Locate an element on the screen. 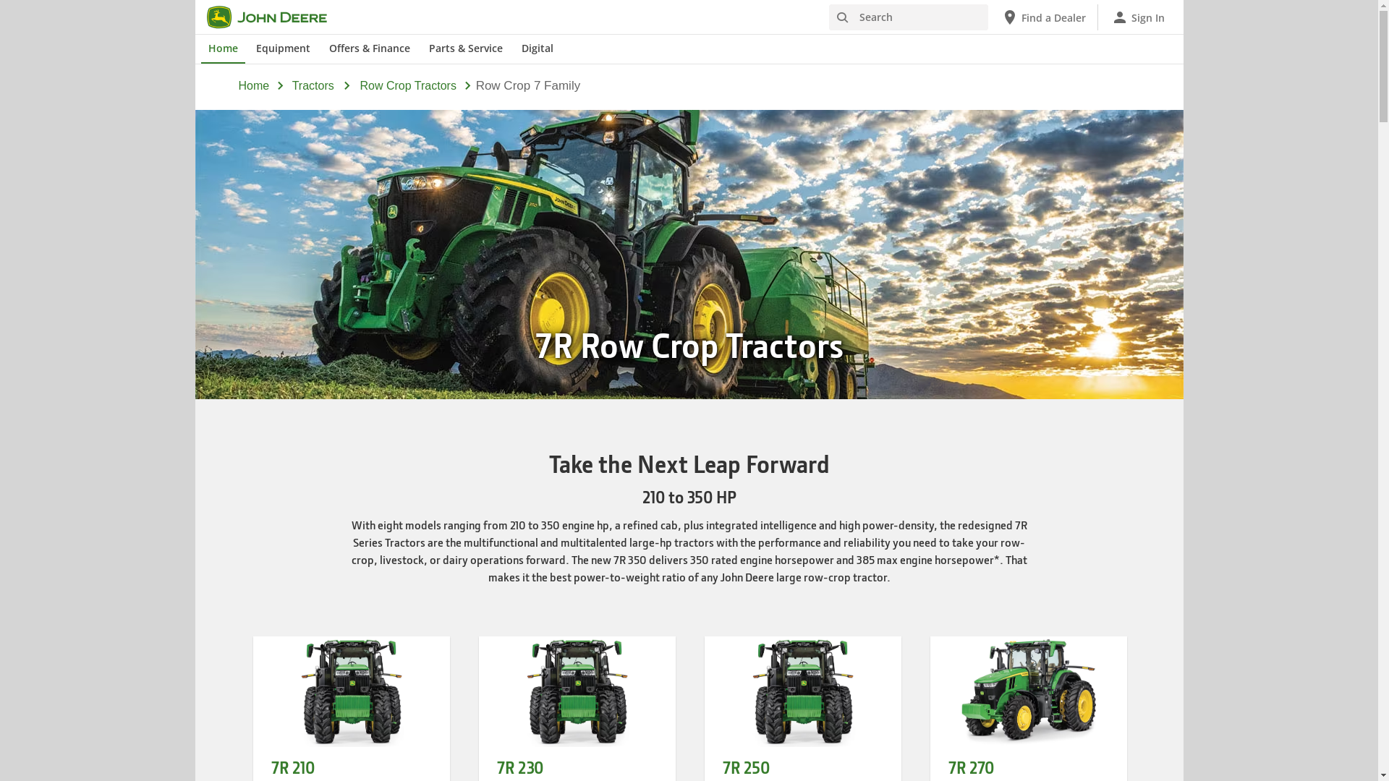  'Sign In' is located at coordinates (1137, 17).